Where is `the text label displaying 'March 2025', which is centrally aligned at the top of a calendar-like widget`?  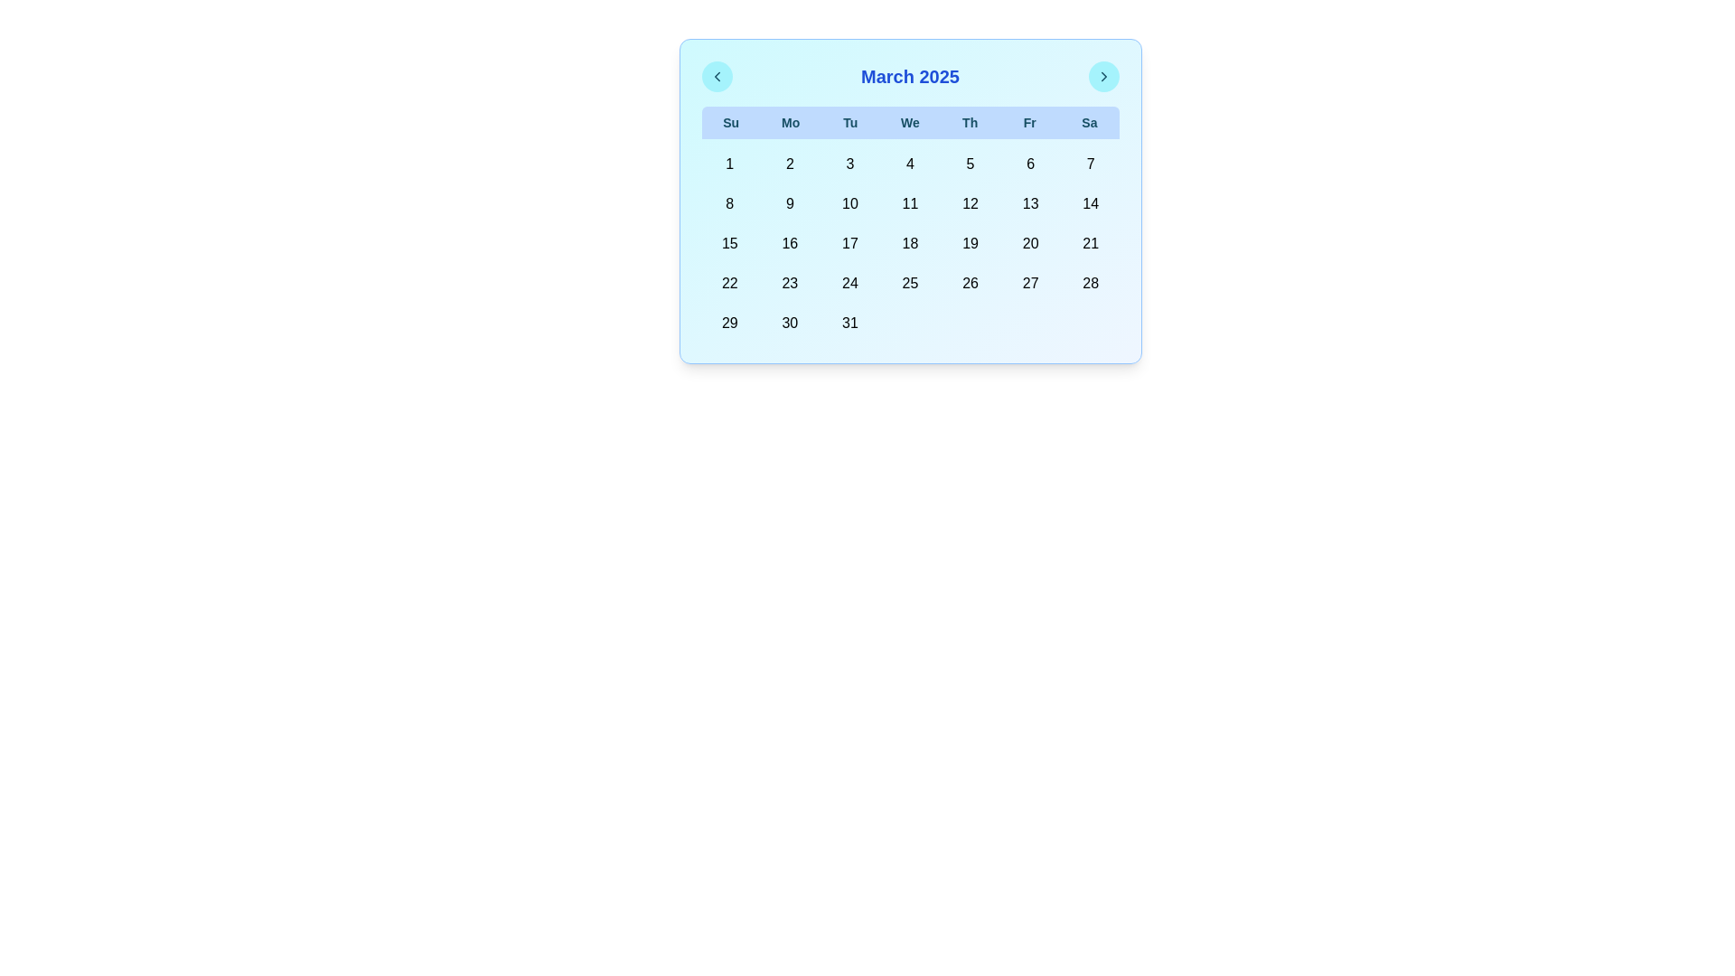 the text label displaying 'March 2025', which is centrally aligned at the top of a calendar-like widget is located at coordinates (910, 75).